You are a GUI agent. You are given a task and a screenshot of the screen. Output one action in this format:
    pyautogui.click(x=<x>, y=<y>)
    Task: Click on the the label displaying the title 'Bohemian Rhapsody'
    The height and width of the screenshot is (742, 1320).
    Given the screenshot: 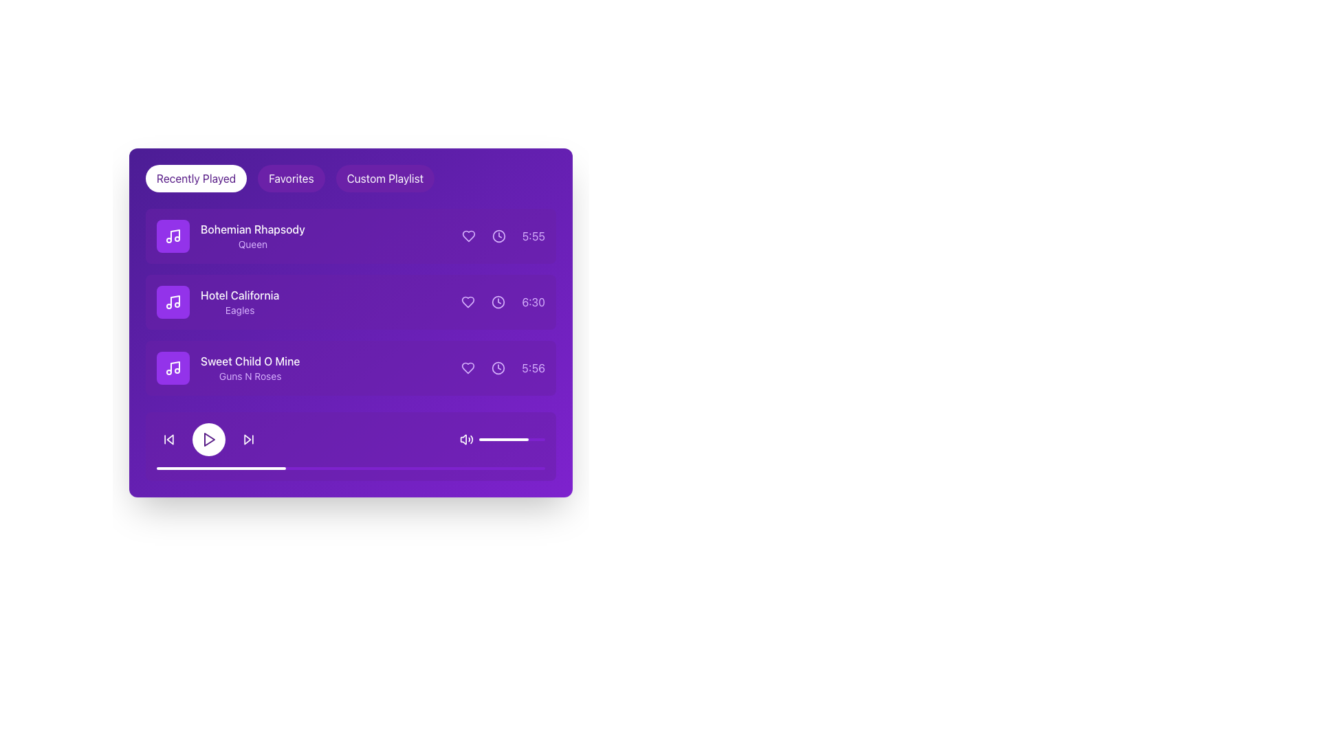 What is the action you would take?
    pyautogui.click(x=252, y=229)
    